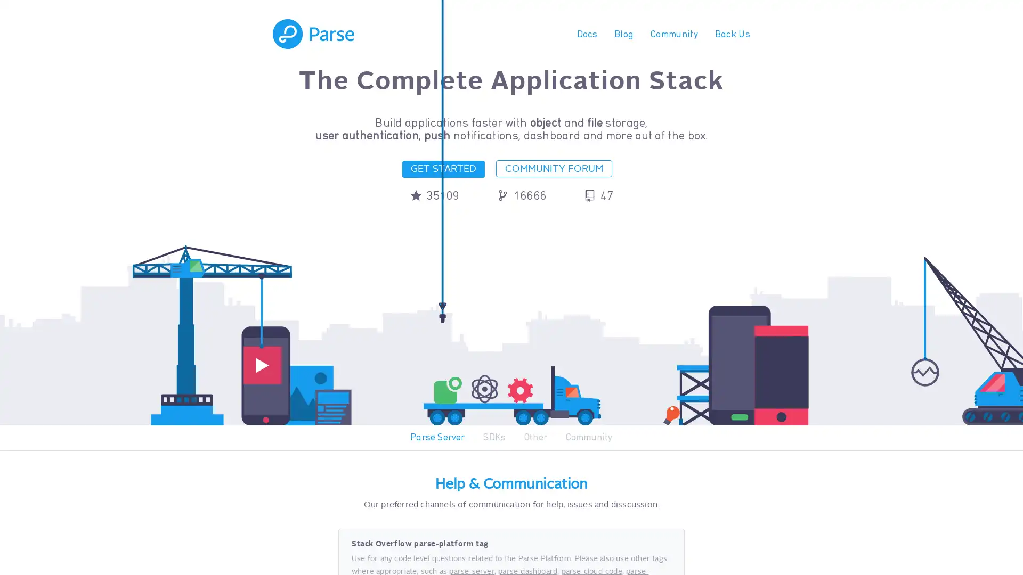  I want to click on GET STARTED, so click(443, 168).